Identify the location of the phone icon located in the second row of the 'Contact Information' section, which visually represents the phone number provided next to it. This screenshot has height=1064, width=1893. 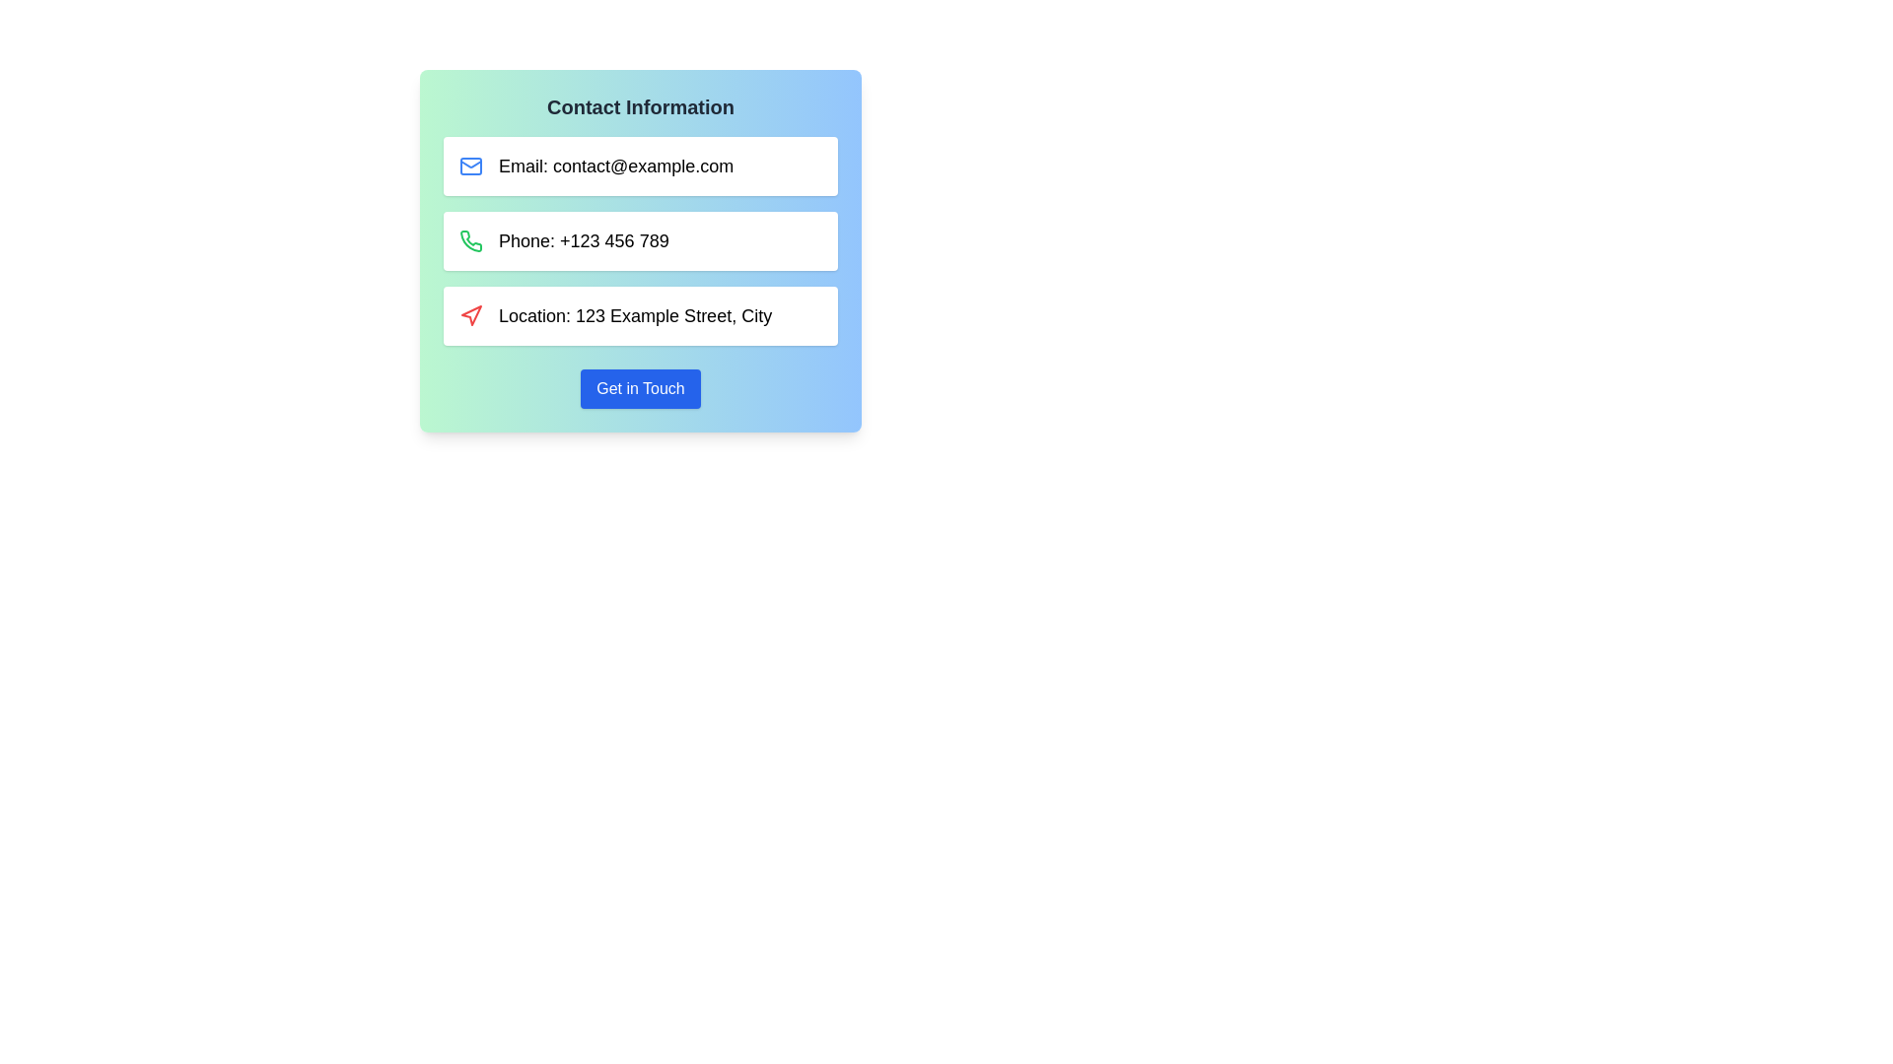
(470, 240).